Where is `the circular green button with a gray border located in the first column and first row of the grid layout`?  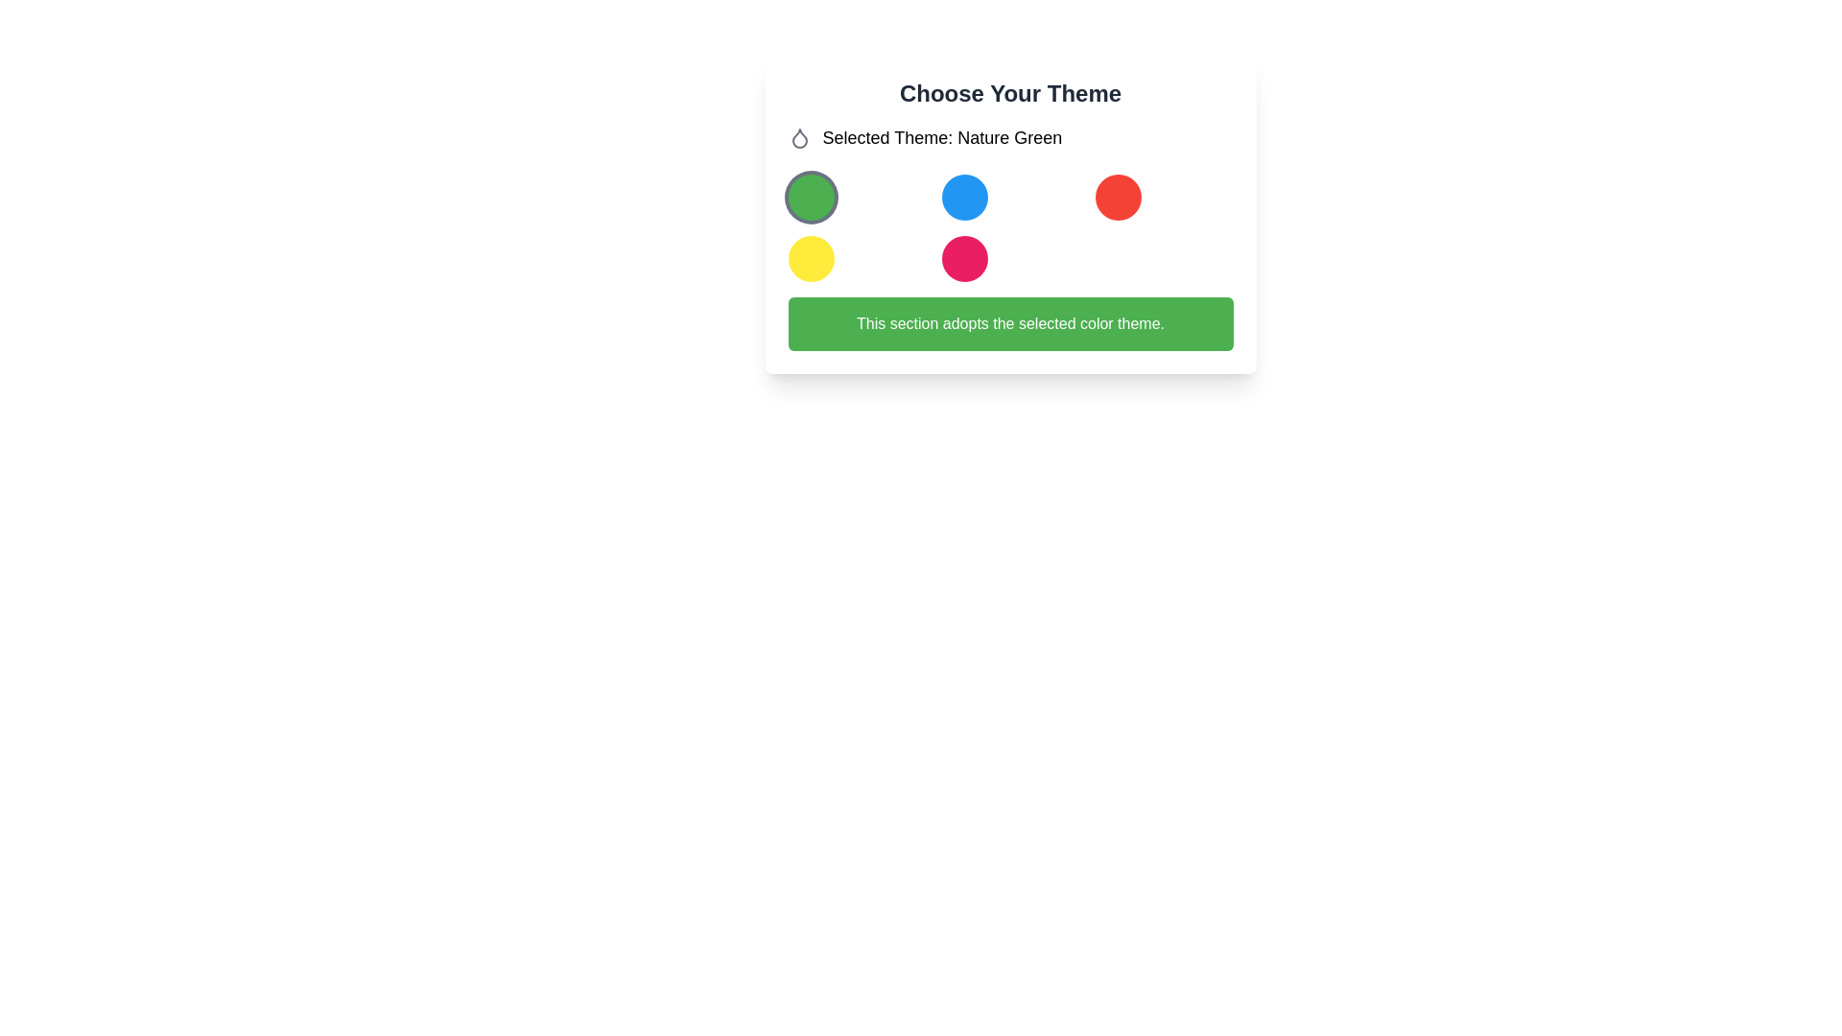 the circular green button with a gray border located in the first column and first row of the grid layout is located at coordinates (811, 197).